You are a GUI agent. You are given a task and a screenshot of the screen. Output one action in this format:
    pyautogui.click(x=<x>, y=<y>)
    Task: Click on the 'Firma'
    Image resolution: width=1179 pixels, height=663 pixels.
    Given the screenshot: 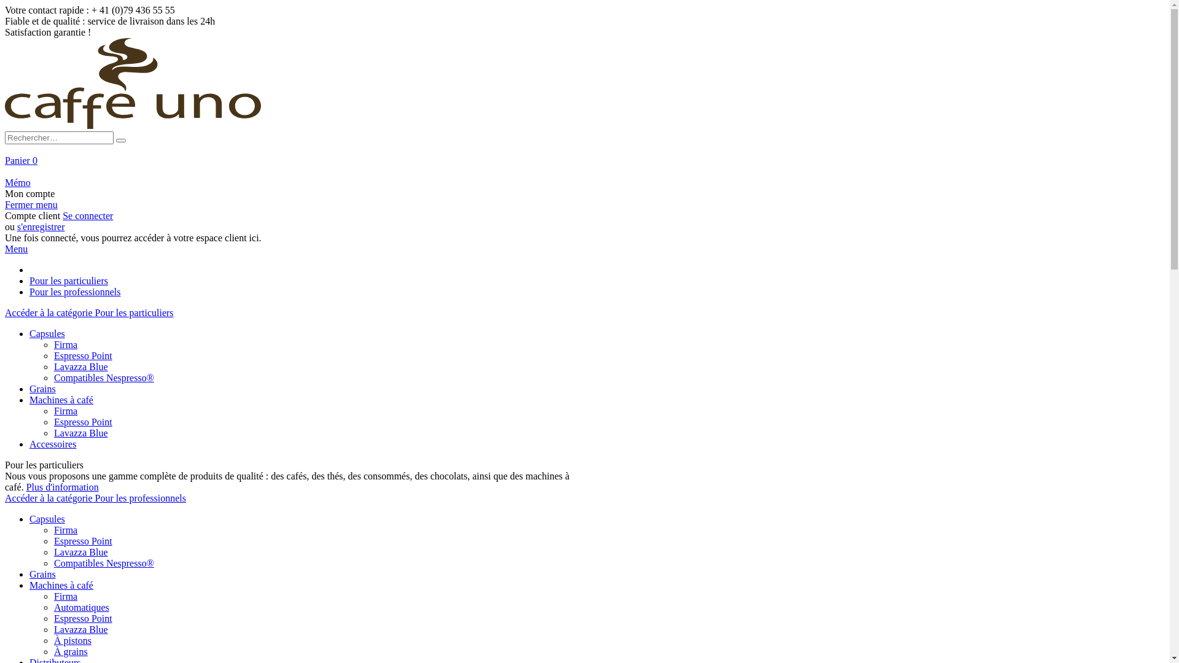 What is the action you would take?
    pyautogui.click(x=53, y=529)
    